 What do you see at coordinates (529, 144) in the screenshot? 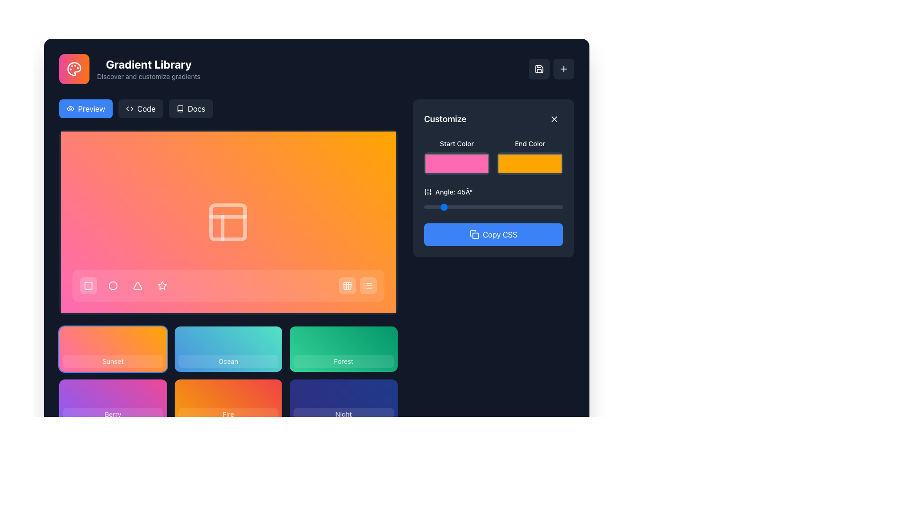
I see `the 'End Color' text label which identifies the associated color-picker control below it in the 'Customize' section of the user interface` at bounding box center [529, 144].